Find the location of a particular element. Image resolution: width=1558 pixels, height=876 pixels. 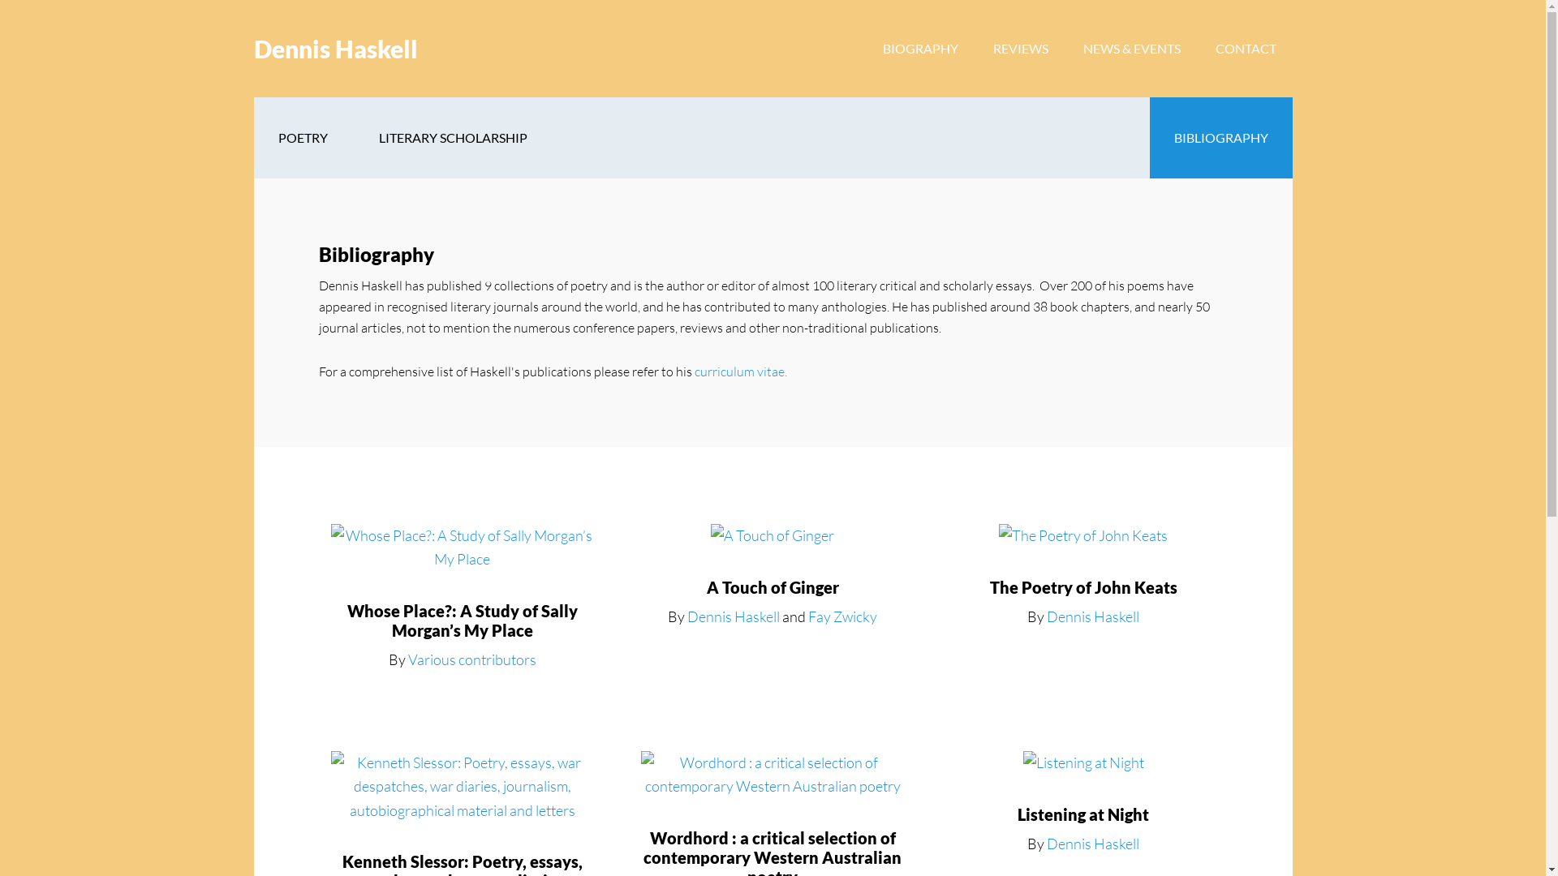

'Dennis Haskell' is located at coordinates (252, 48).